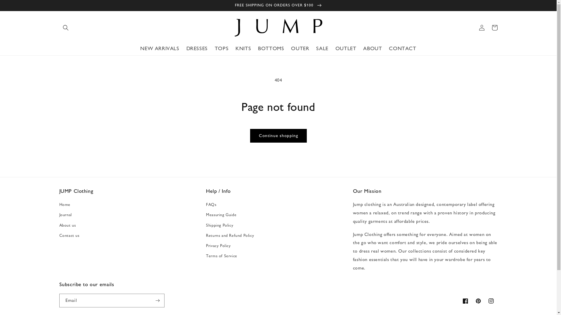 The image size is (561, 315). Describe the element at coordinates (278, 136) in the screenshot. I see `'Continue shopping'` at that location.